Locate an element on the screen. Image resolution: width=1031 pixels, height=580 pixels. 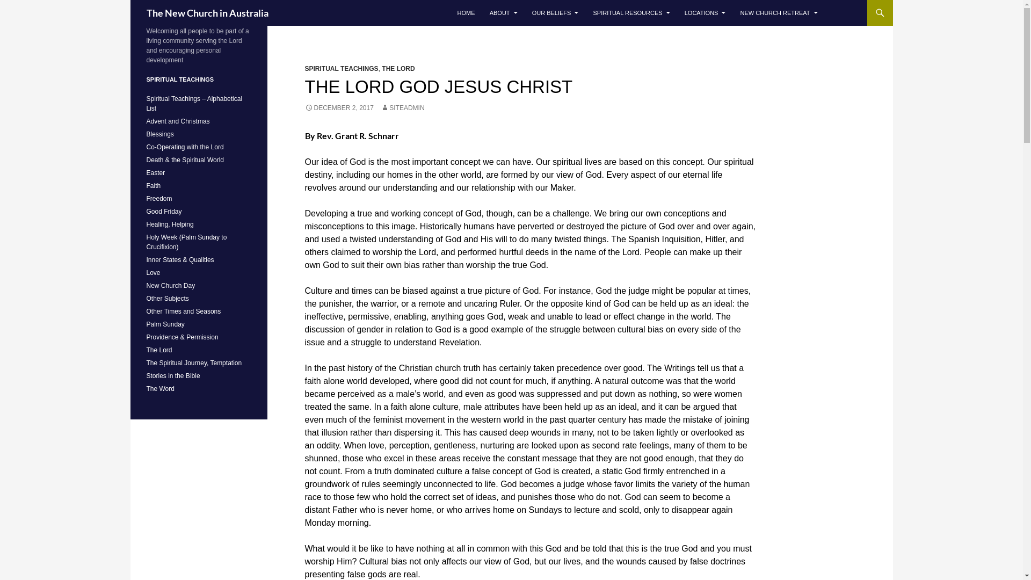
'Love' is located at coordinates (146, 272).